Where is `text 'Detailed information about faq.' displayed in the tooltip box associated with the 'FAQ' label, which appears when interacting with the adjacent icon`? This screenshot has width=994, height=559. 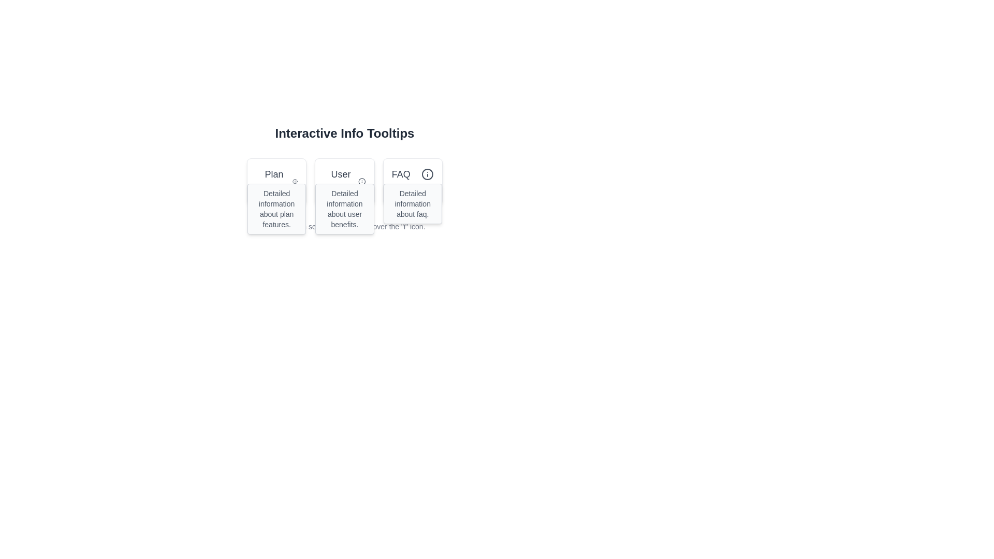 text 'Detailed information about faq.' displayed in the tooltip box associated with the 'FAQ' label, which appears when interacting with the adjacent icon is located at coordinates (412, 203).